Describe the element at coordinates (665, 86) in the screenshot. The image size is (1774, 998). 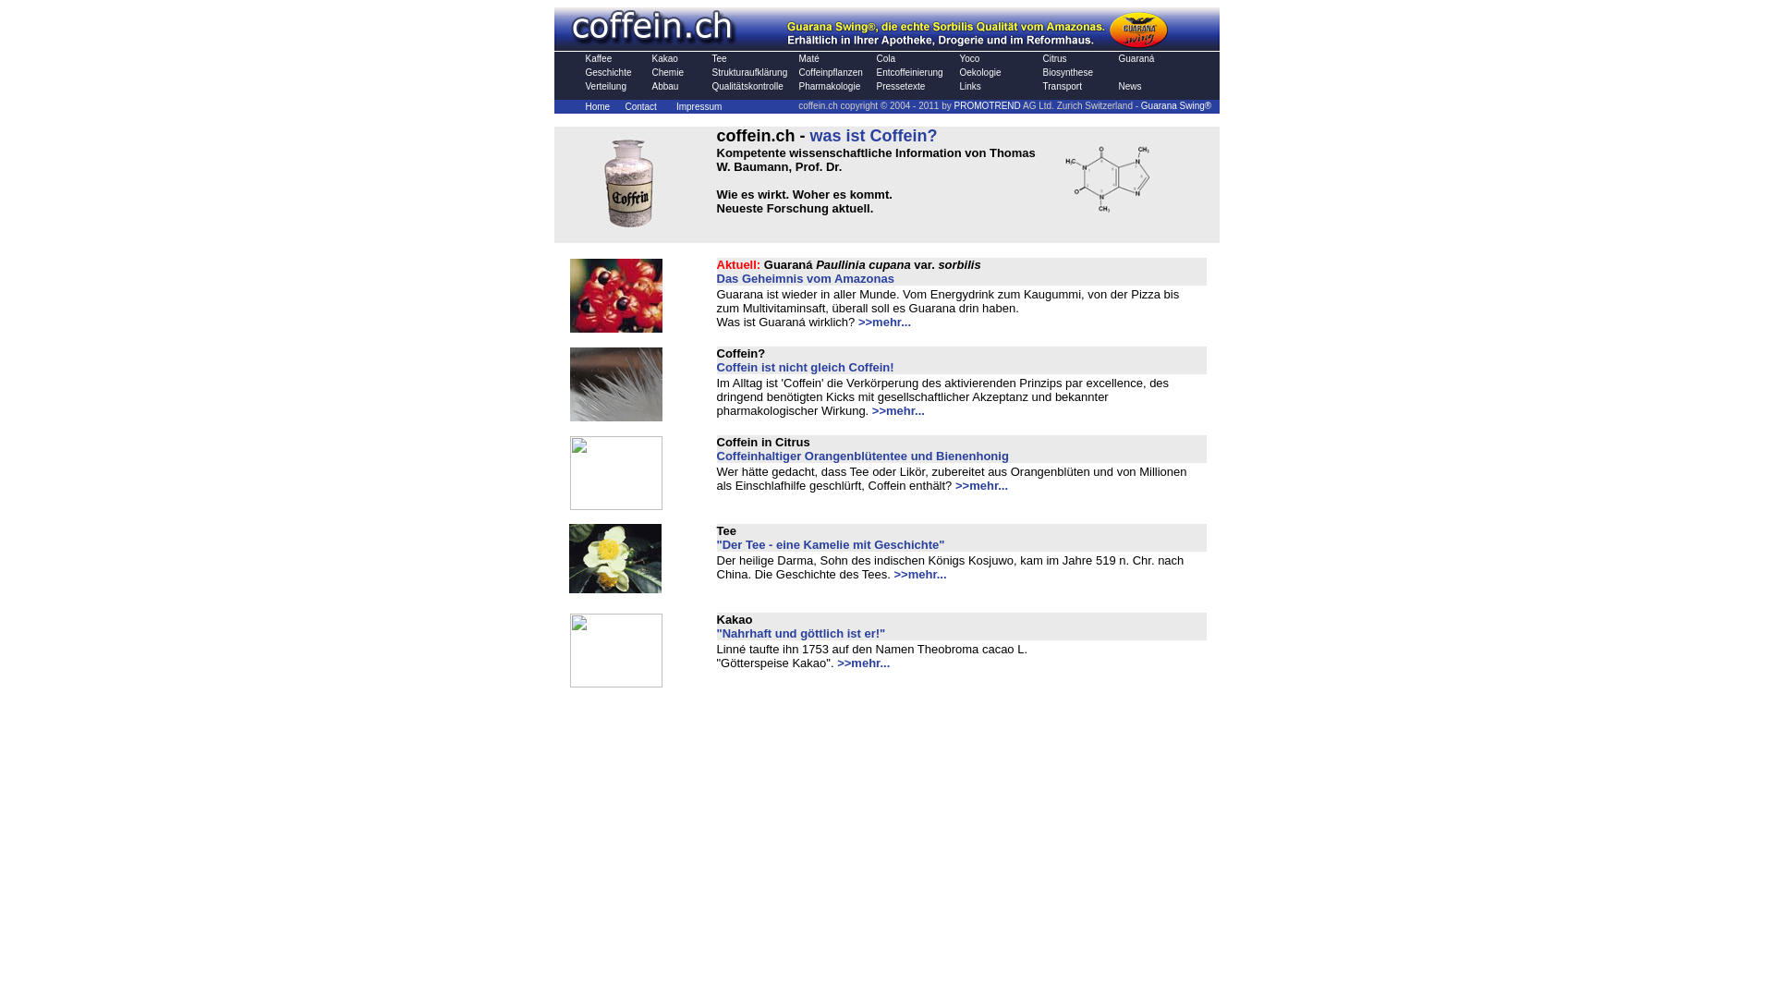
I see `'Abbau'` at that location.